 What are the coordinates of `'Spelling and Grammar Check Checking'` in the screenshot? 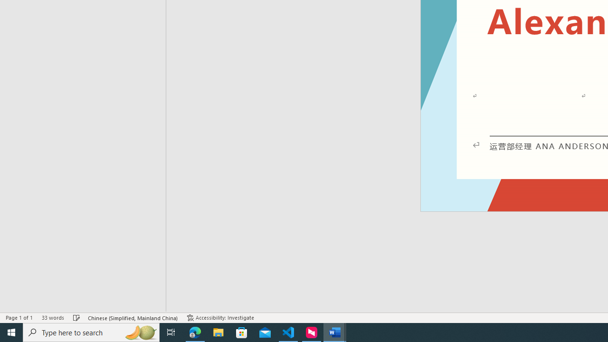 It's located at (76, 318).